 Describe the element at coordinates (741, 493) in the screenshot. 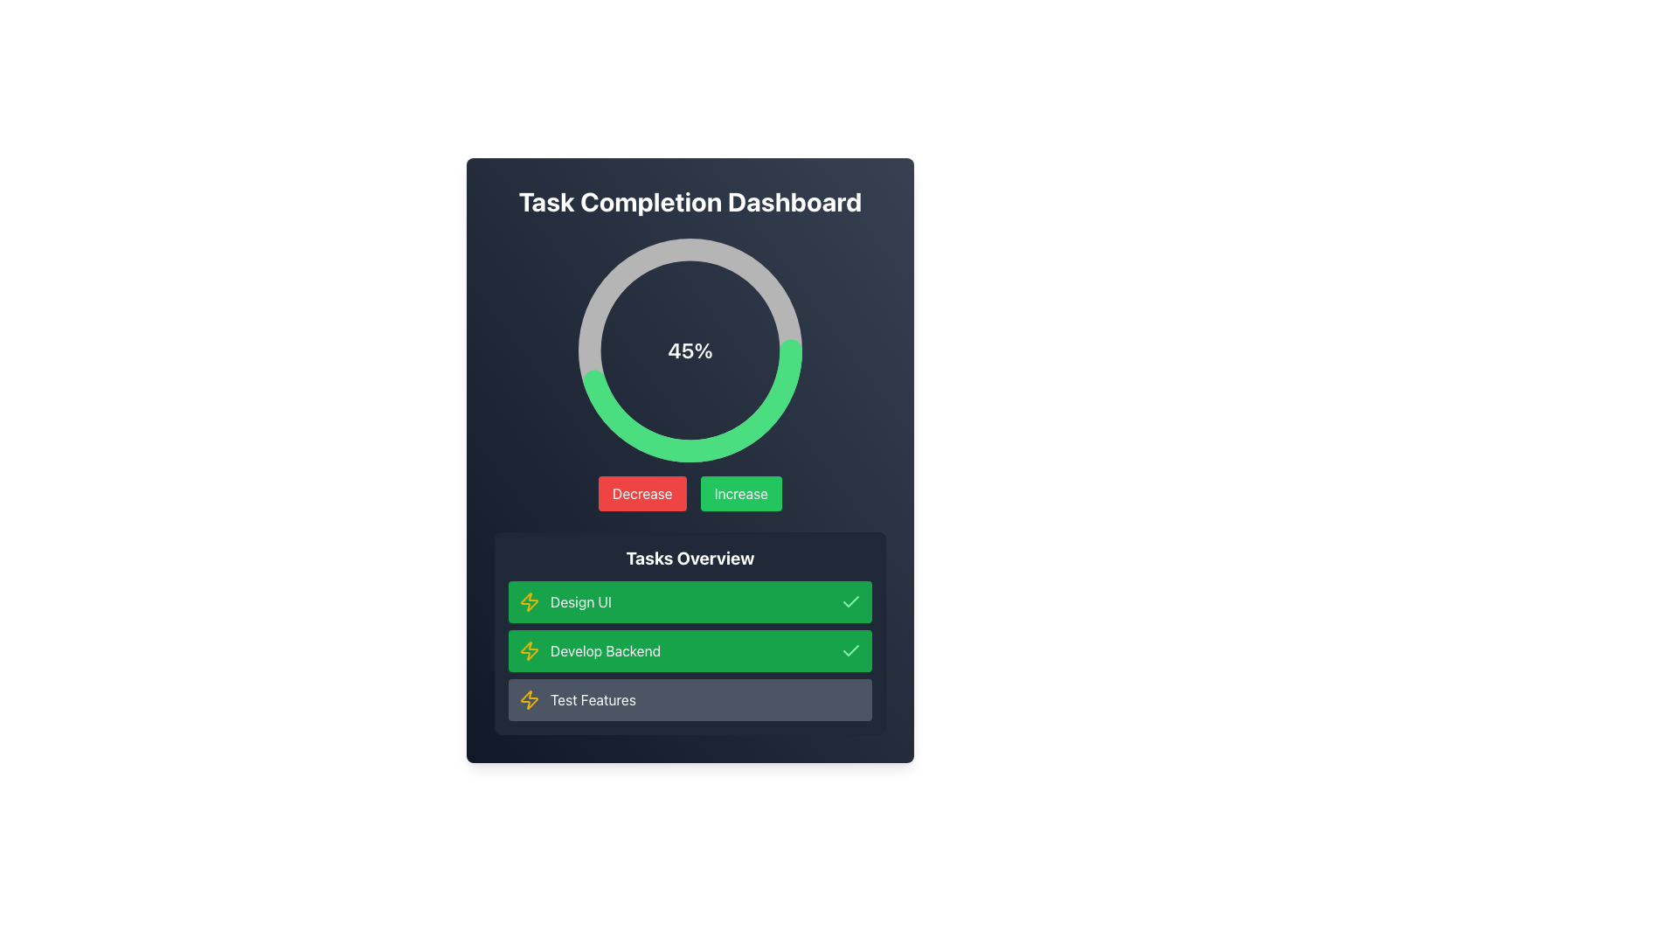

I see `the 'Increase' button, which is the second button in a row of two buttons ('Decrease' and 'Increase'), to increment the value represented by the progress indicator above` at that location.